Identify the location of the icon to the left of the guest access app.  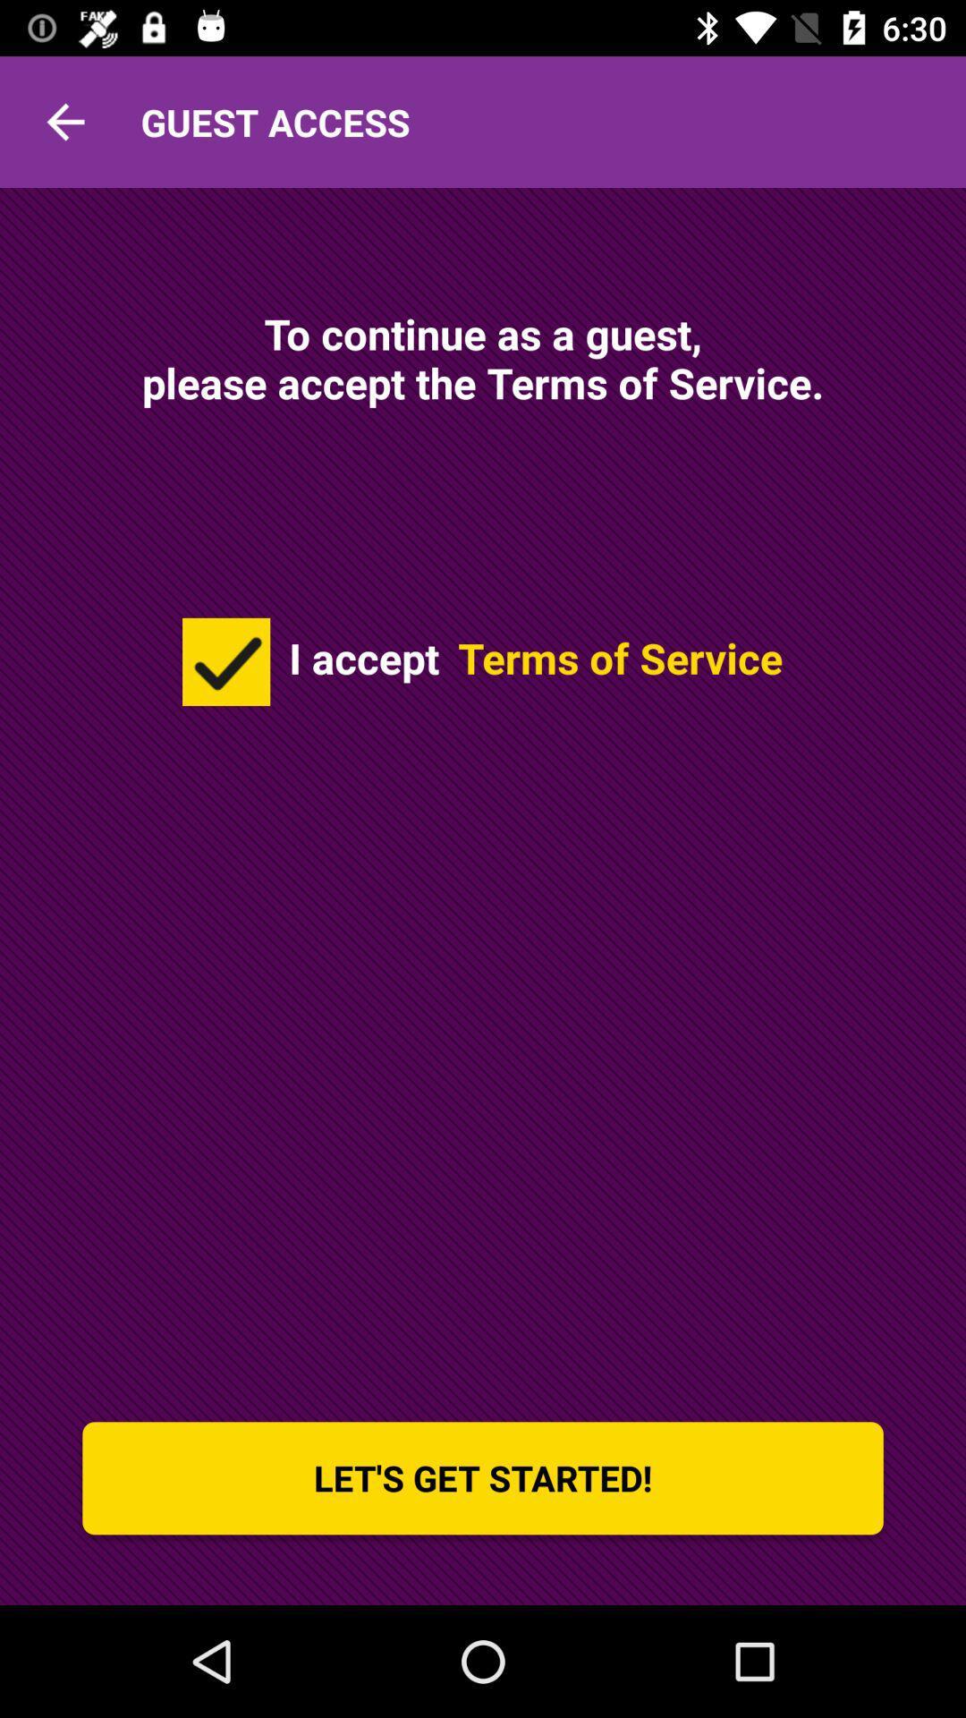
(64, 121).